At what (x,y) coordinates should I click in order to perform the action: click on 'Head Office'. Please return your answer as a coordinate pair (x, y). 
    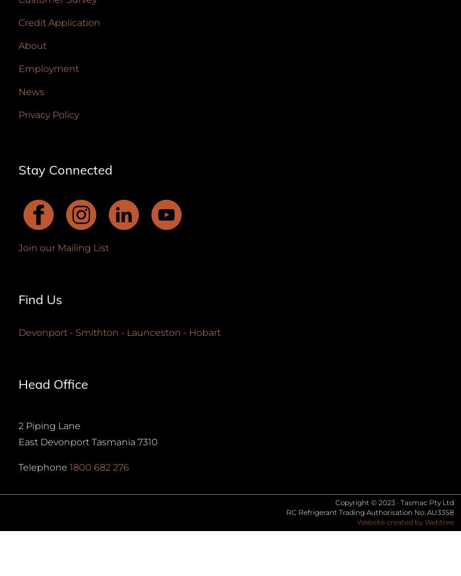
    Looking at the image, I should click on (53, 384).